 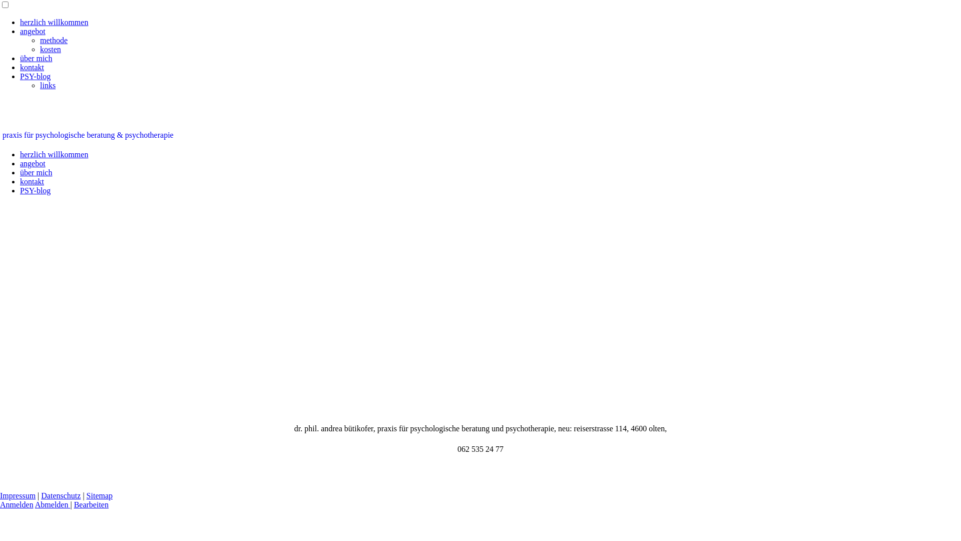 What do you see at coordinates (91, 504) in the screenshot?
I see `'Bearbeiten'` at bounding box center [91, 504].